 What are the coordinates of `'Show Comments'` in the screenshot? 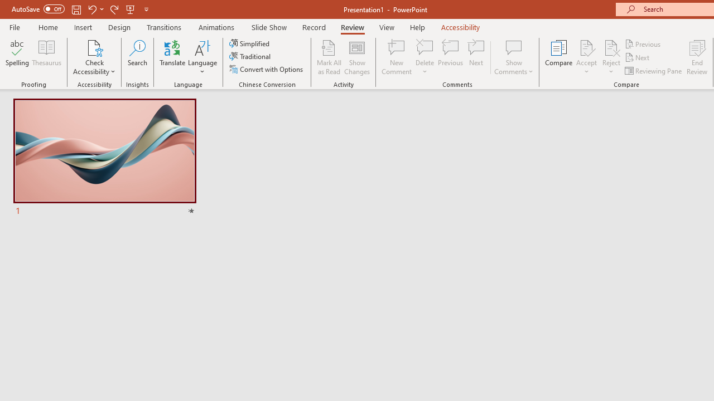 It's located at (513, 57).